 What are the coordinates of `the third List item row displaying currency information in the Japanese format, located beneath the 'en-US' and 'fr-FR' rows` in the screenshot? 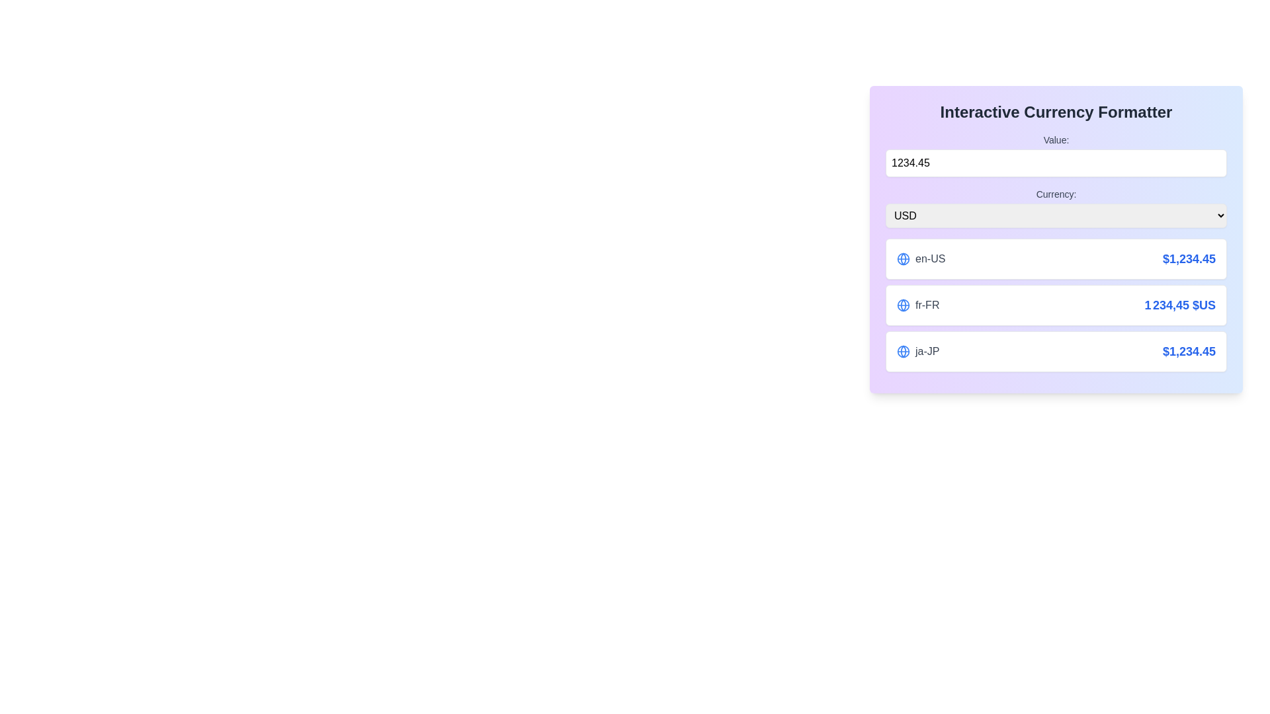 It's located at (1056, 351).